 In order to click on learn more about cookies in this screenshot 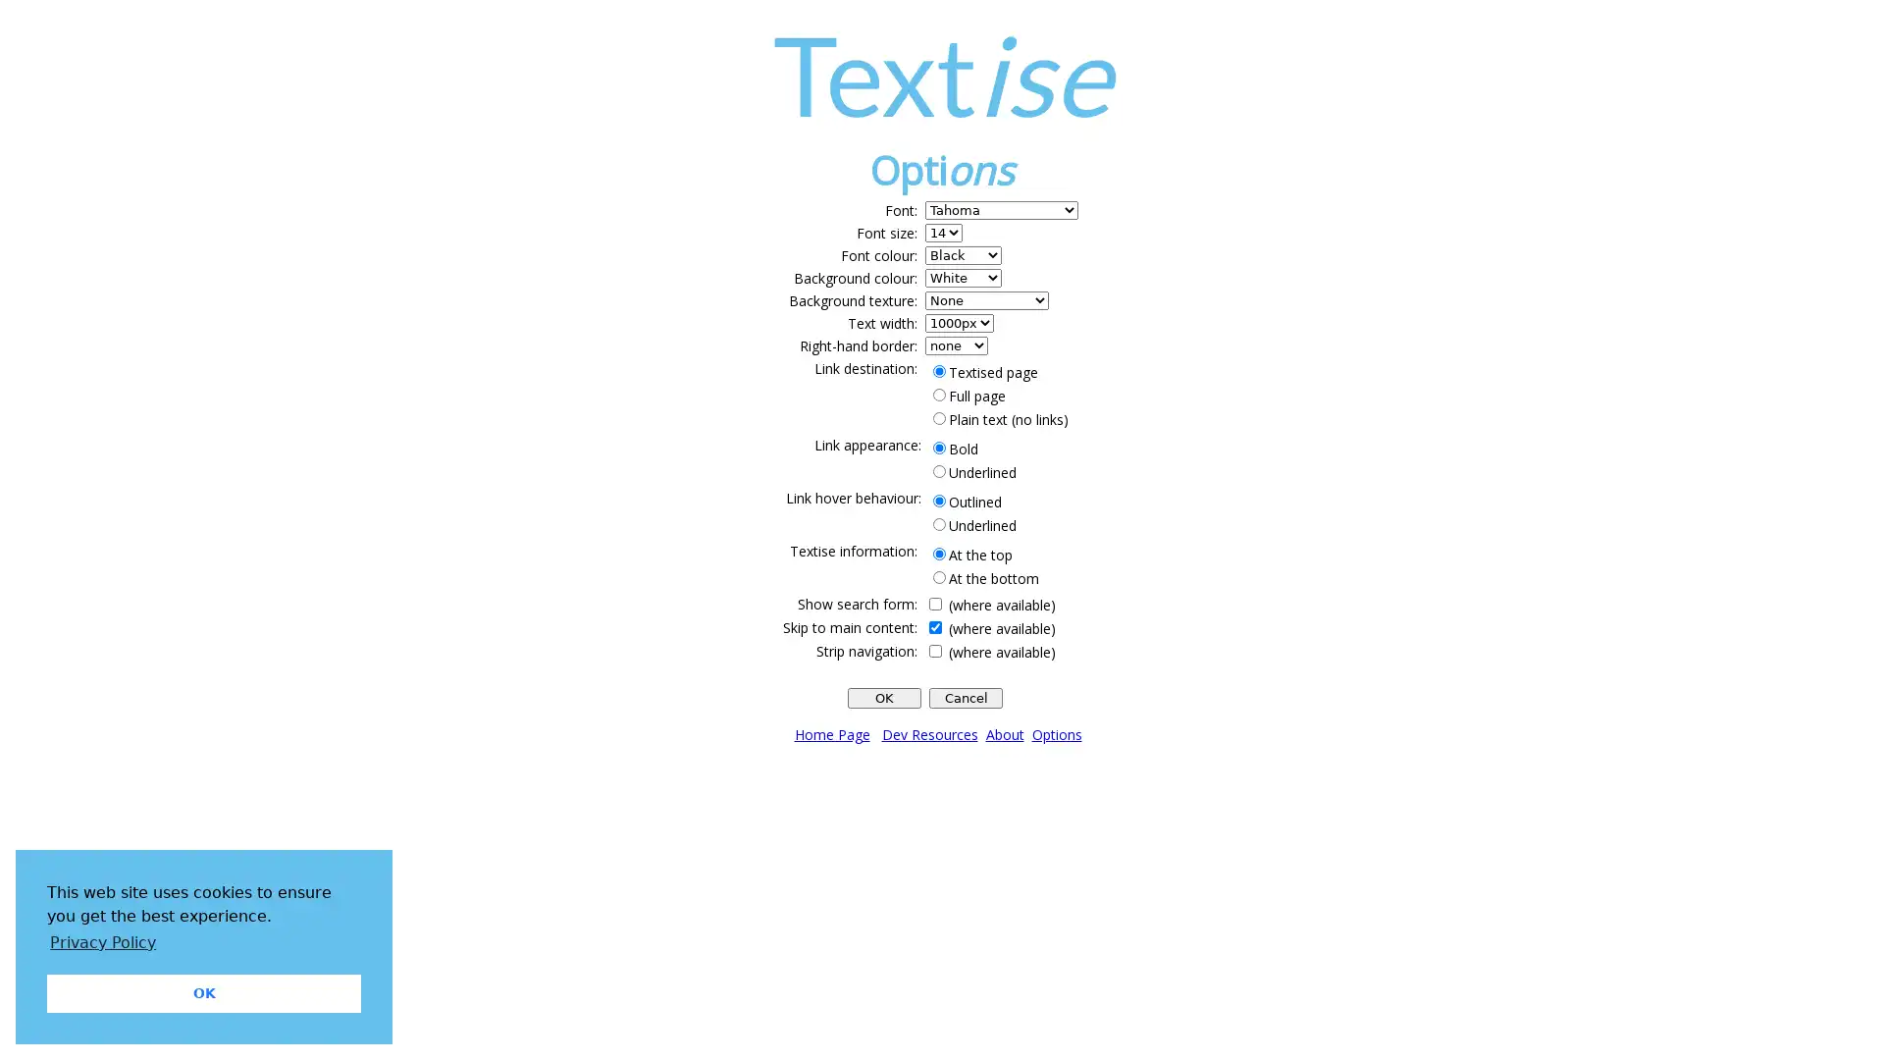, I will do `click(102, 941)`.